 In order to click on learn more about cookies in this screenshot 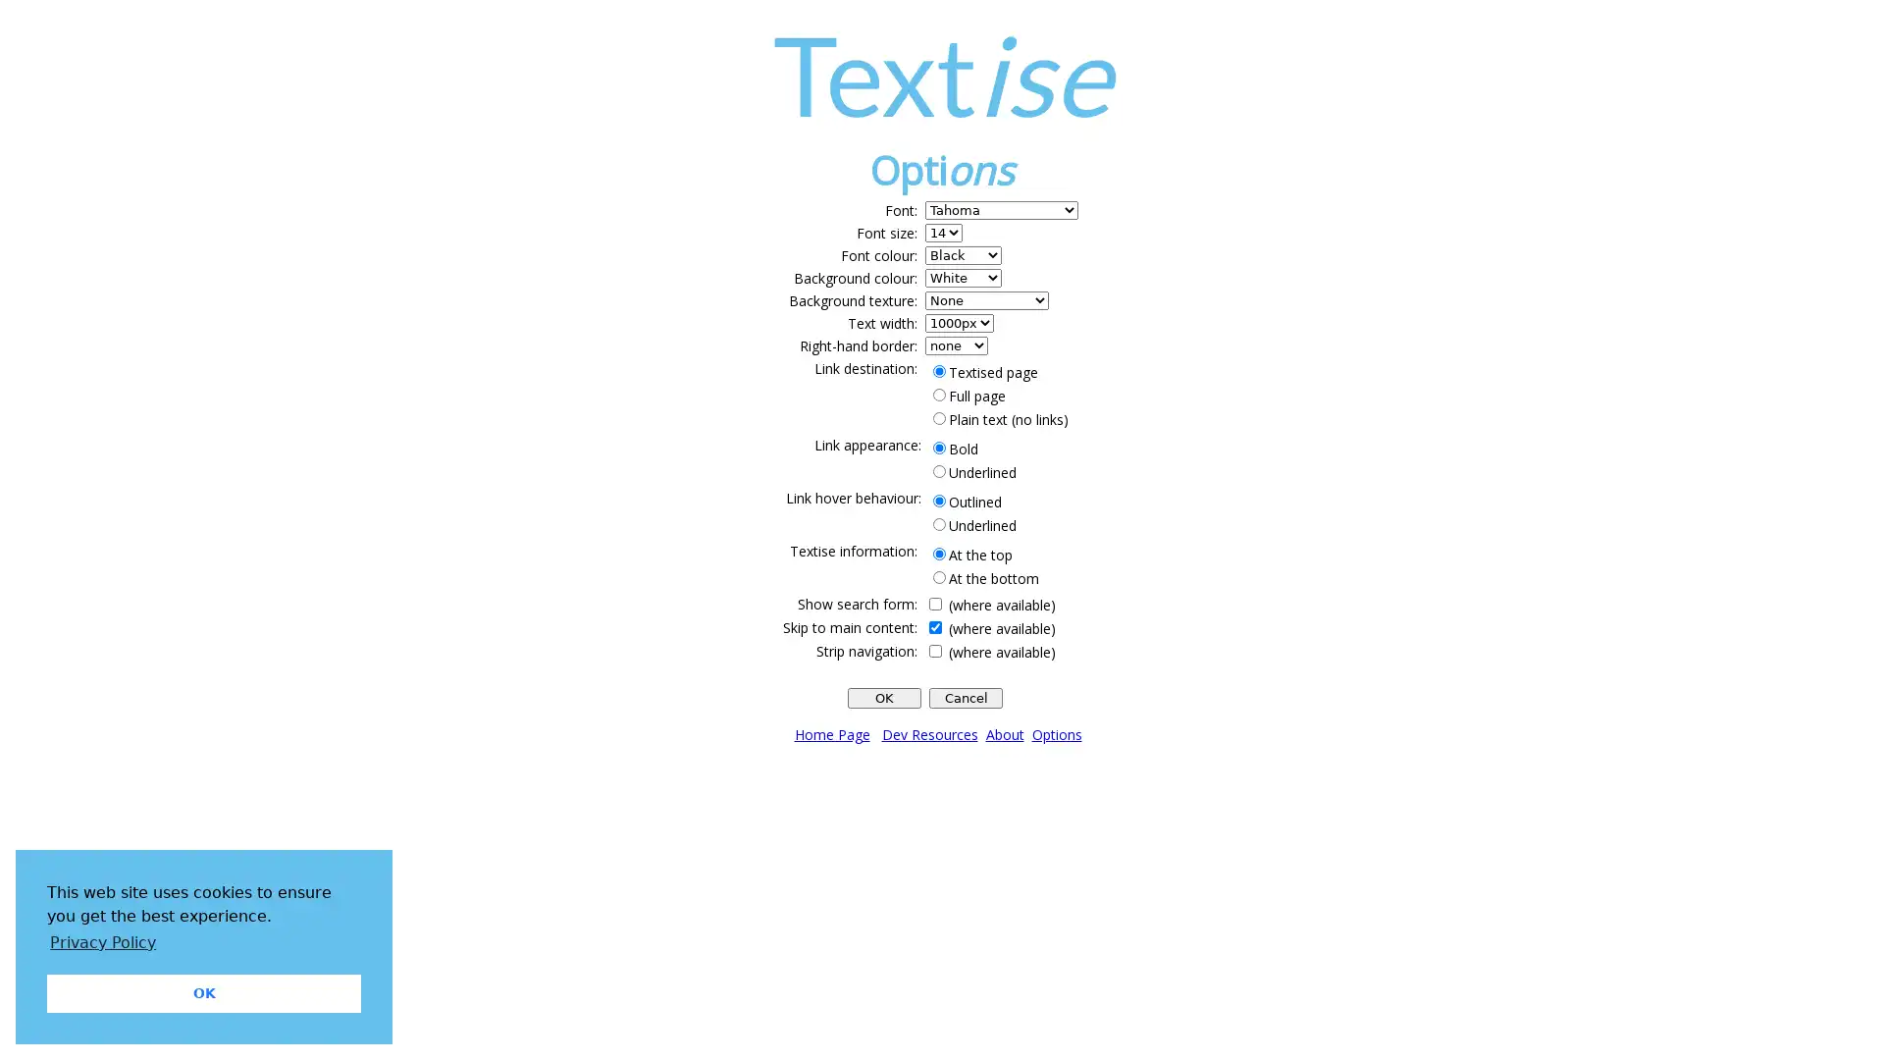, I will do `click(102, 941)`.